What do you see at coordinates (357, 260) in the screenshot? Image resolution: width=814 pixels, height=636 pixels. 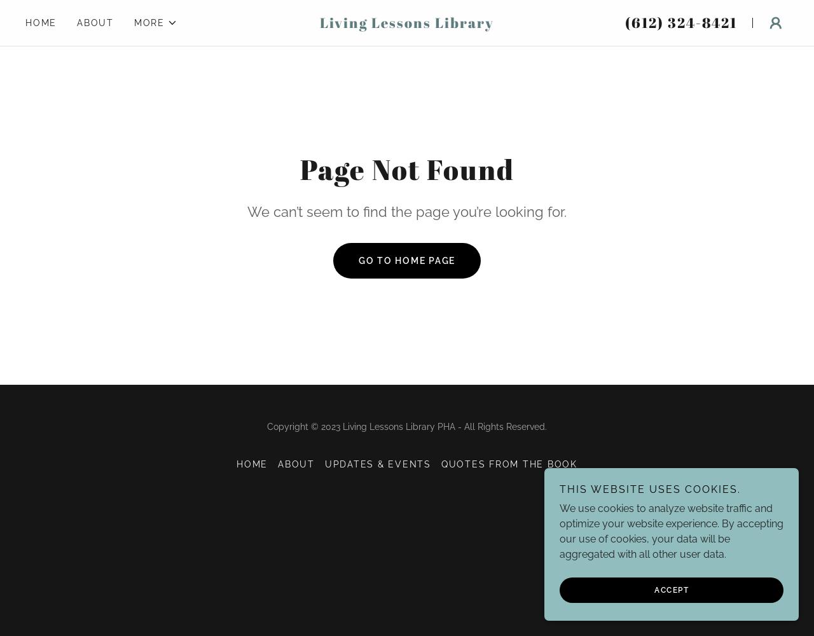 I see `'Go To Home Page'` at bounding box center [357, 260].